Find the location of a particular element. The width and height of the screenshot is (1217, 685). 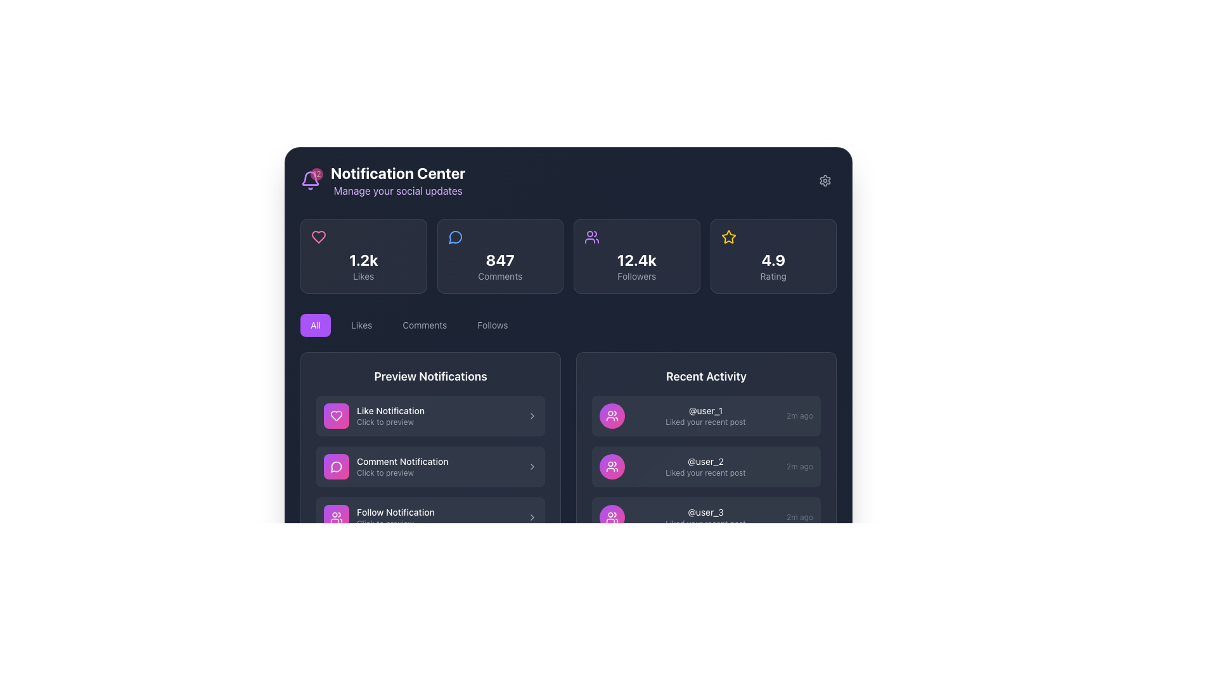

the 'Comment Notification' text in the 'Preview Notifications' list to interact with it is located at coordinates (438, 467).